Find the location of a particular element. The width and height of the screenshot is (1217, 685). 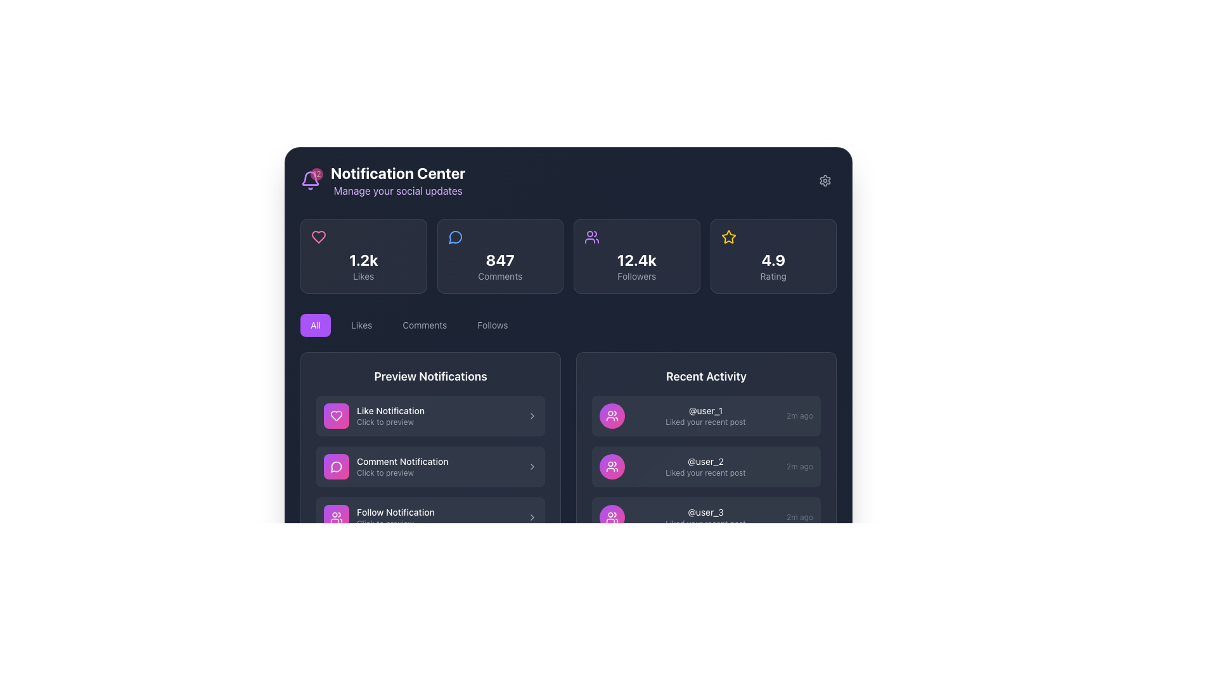

the 'Comment Notification' text in the 'Preview Notifications' list to interact with it is located at coordinates (438, 467).